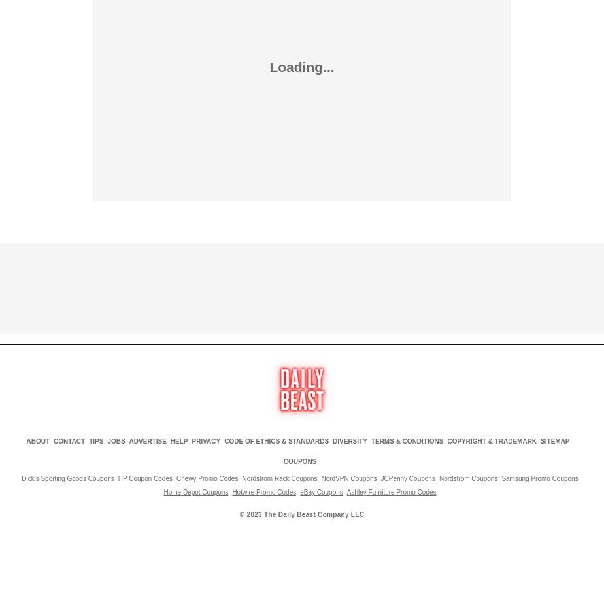  What do you see at coordinates (263, 491) in the screenshot?
I see `'Hotwire Promo Codes'` at bounding box center [263, 491].